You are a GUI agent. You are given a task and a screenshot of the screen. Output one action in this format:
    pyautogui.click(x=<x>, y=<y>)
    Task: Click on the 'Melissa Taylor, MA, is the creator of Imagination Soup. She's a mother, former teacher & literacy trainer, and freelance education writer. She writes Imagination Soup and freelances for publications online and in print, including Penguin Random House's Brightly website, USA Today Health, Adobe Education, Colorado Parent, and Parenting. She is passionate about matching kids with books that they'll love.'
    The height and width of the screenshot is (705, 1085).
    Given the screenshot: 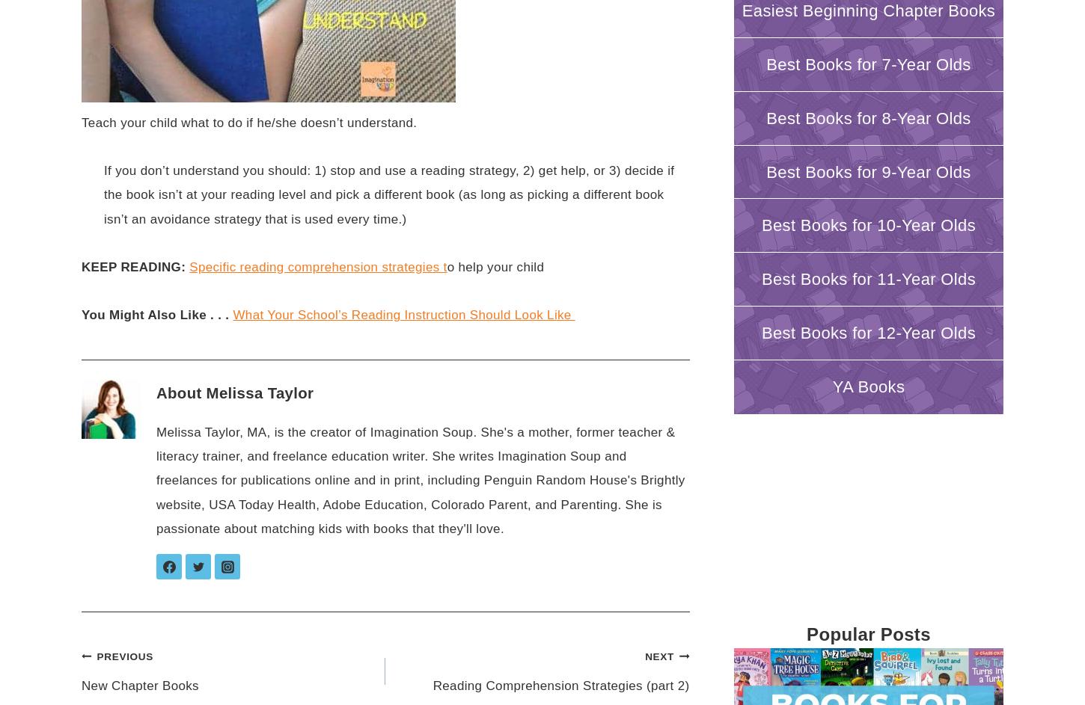 What is the action you would take?
    pyautogui.click(x=155, y=479)
    